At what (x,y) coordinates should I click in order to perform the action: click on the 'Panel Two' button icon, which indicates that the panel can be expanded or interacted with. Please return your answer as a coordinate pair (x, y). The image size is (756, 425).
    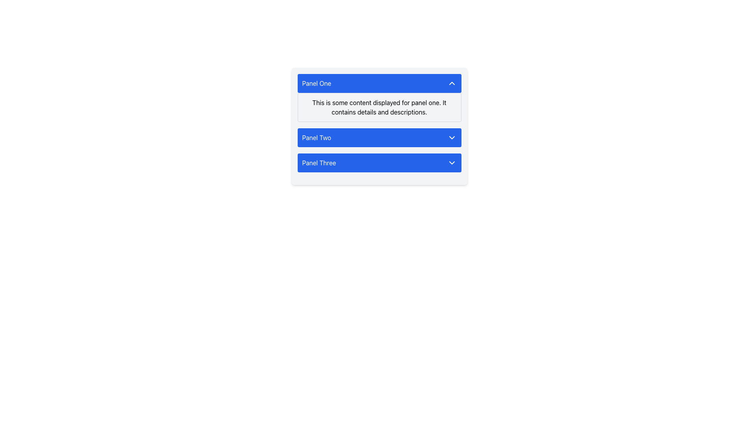
    Looking at the image, I should click on (452, 137).